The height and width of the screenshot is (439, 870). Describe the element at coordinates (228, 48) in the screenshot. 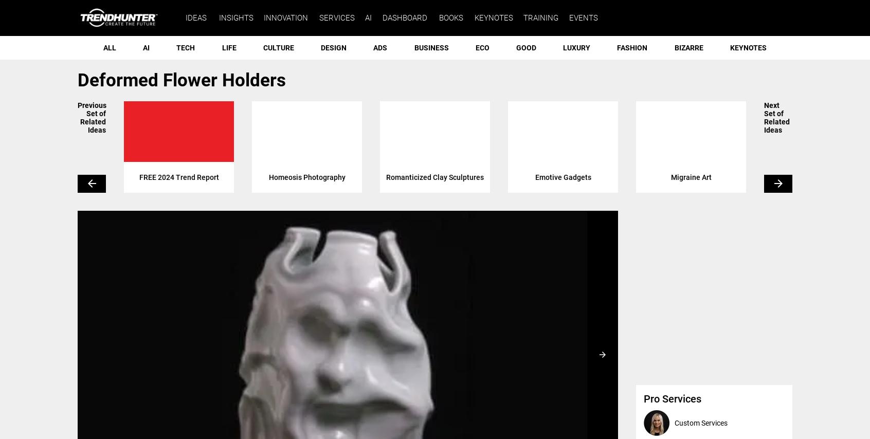

I see `'Life'` at that location.